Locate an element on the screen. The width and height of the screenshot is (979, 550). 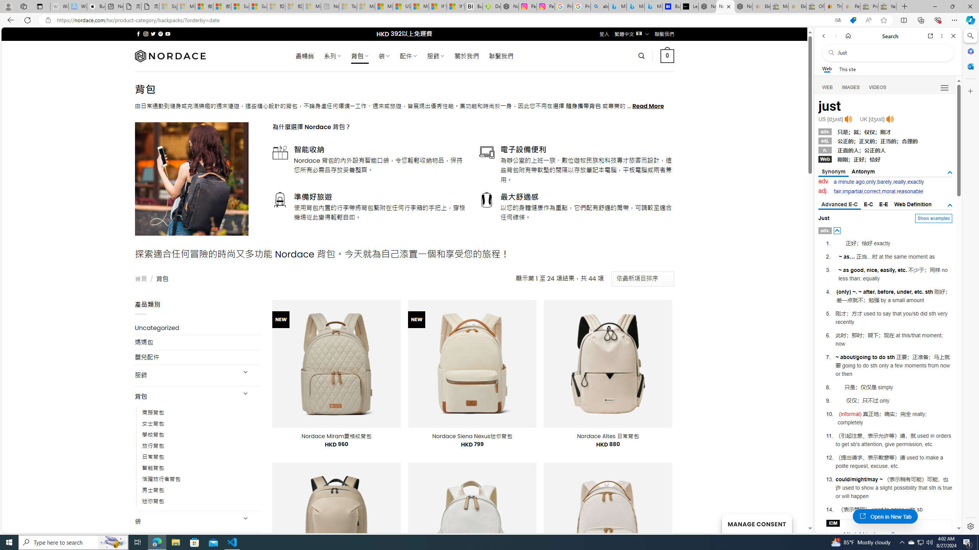
'Yard, Garden & Outdoor Living - Sleeping' is located at coordinates (887, 6).